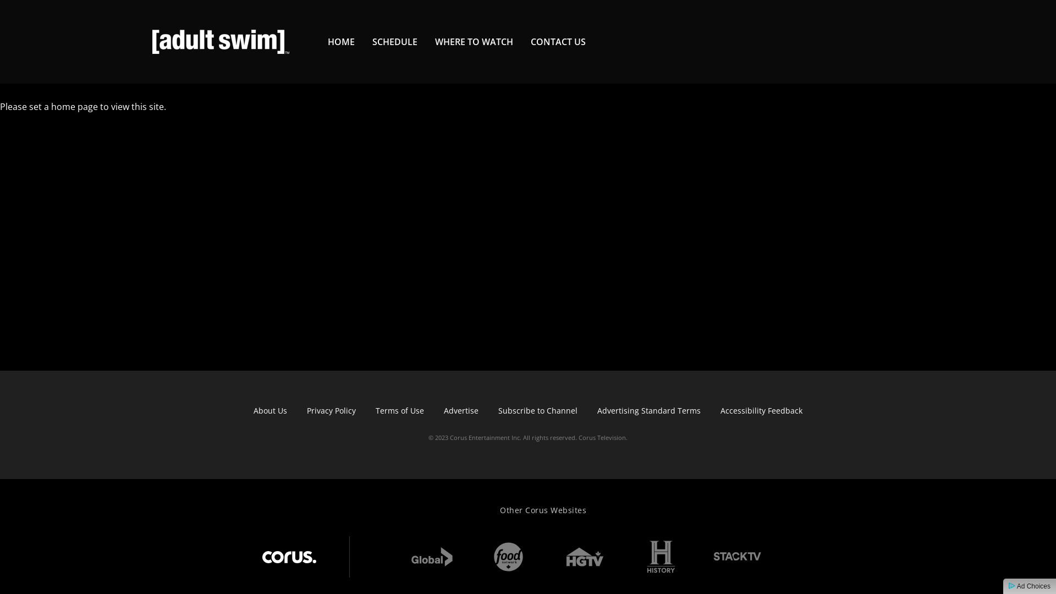 The width and height of the screenshot is (1056, 594). Describe the element at coordinates (474, 41) in the screenshot. I see `'WHERE TO WATCH'` at that location.